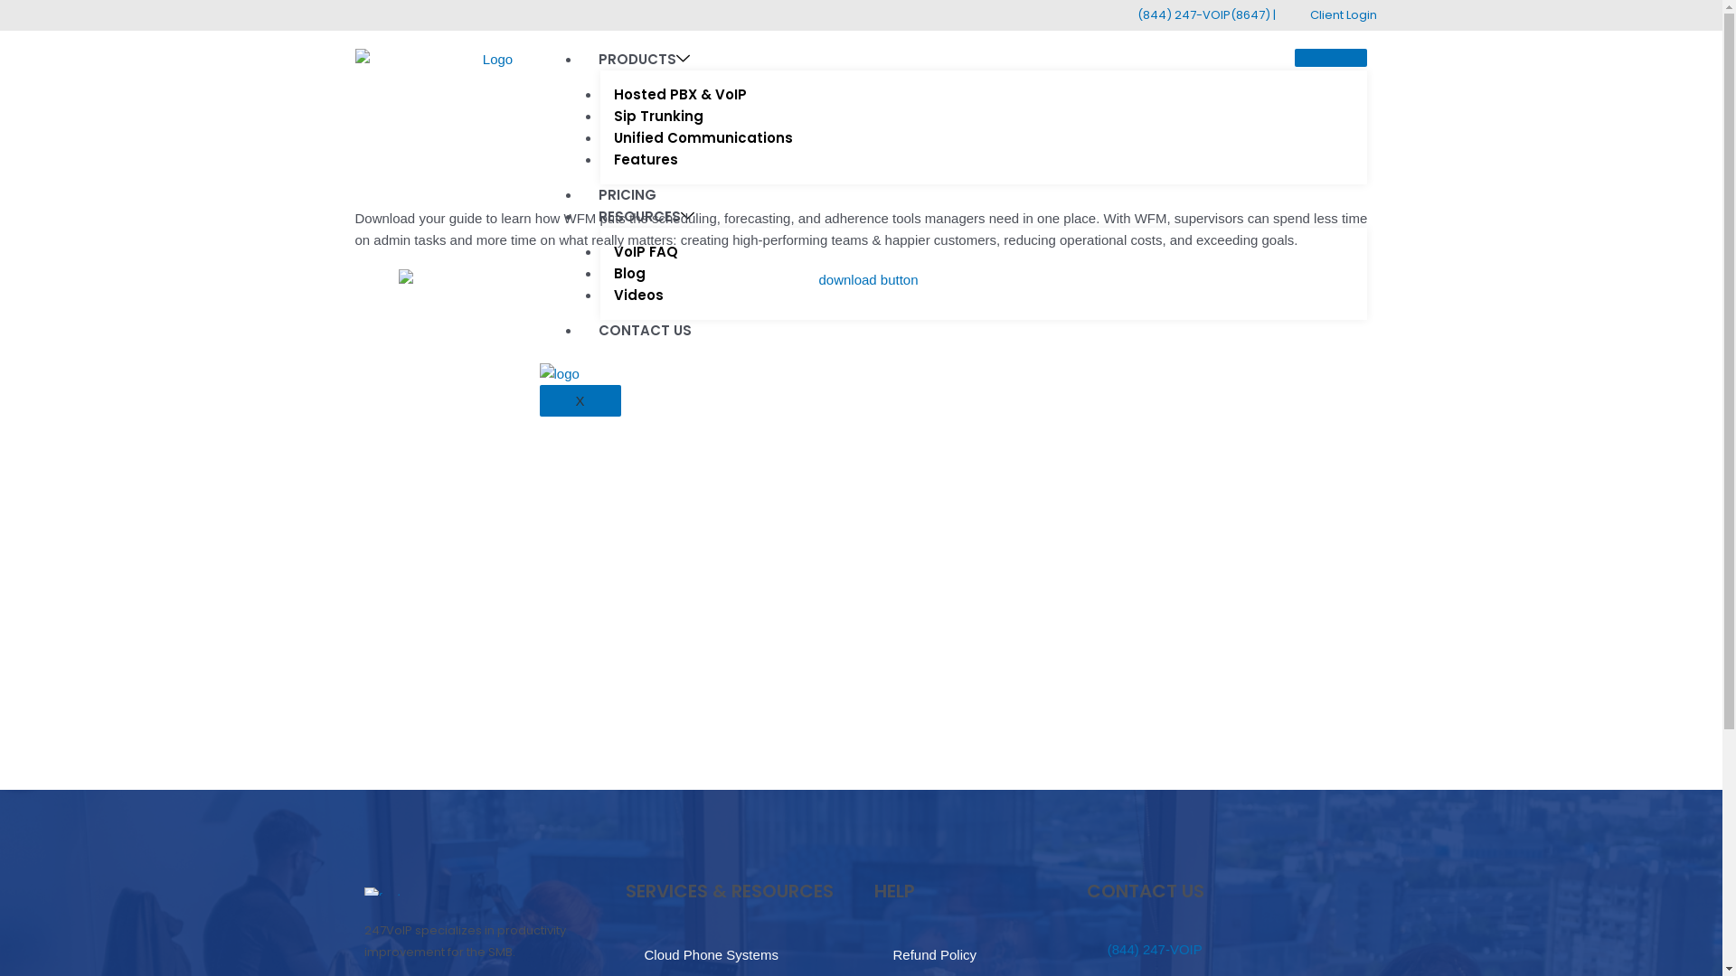 This screenshot has width=1736, height=976. I want to click on 'PRODUCTS', so click(644, 58).